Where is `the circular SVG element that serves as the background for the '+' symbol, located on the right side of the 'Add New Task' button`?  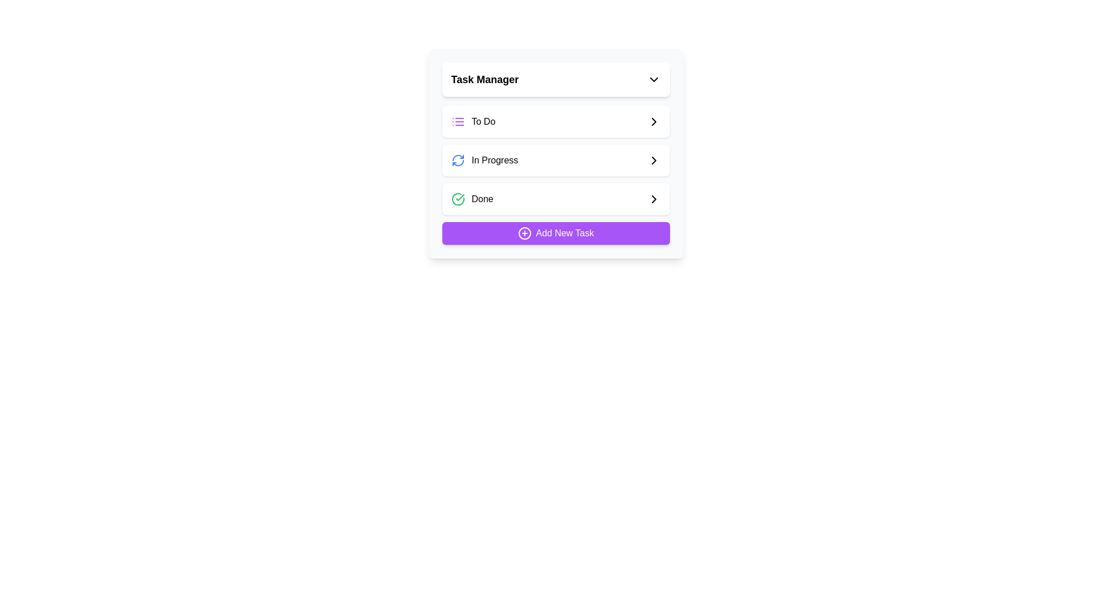
the circular SVG element that serves as the background for the '+' symbol, located on the right side of the 'Add New Task' button is located at coordinates (524, 232).